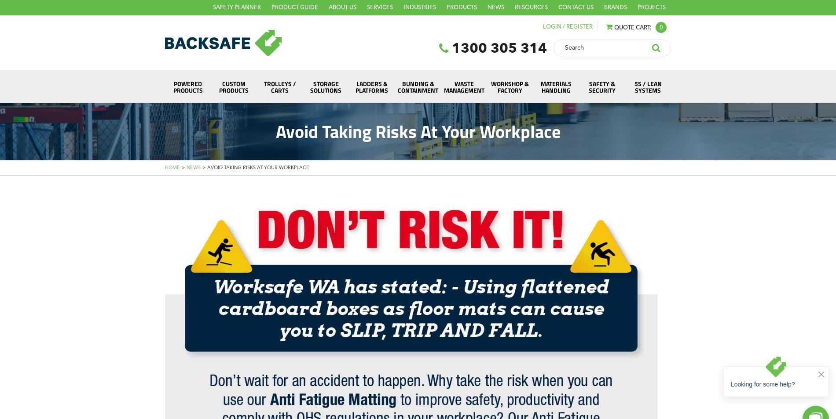  Describe the element at coordinates (601, 86) in the screenshot. I see `'Safety & Security'` at that location.